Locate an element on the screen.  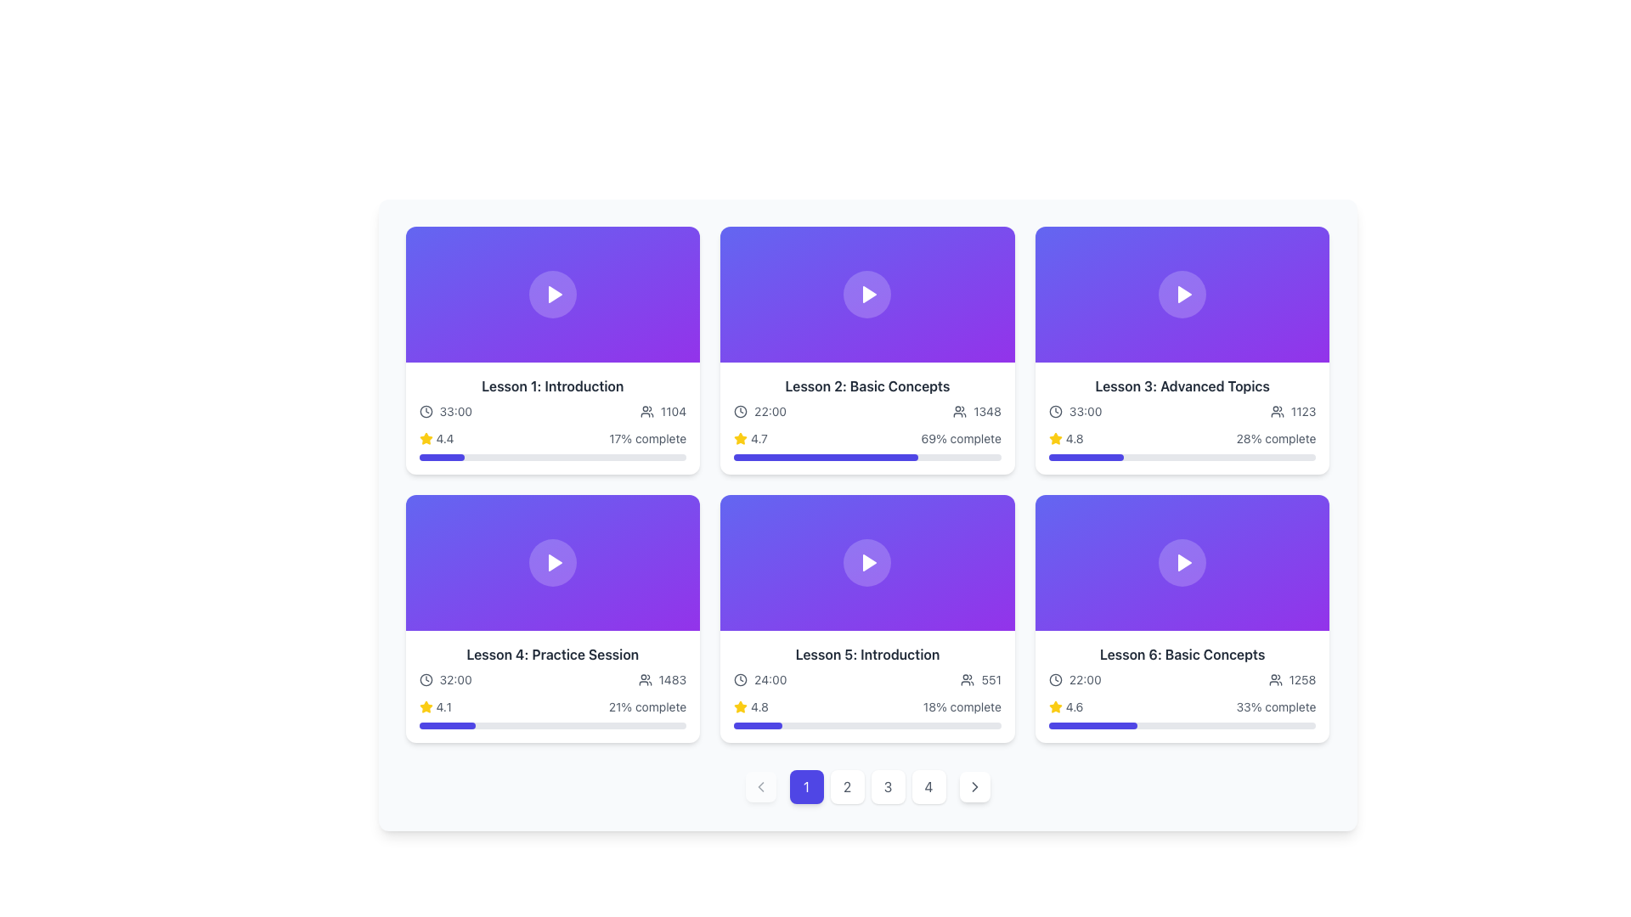
the circular progress bar located in the second card of the upper row of the displayed grid layout to adjust the completion progression is located at coordinates (867, 444).